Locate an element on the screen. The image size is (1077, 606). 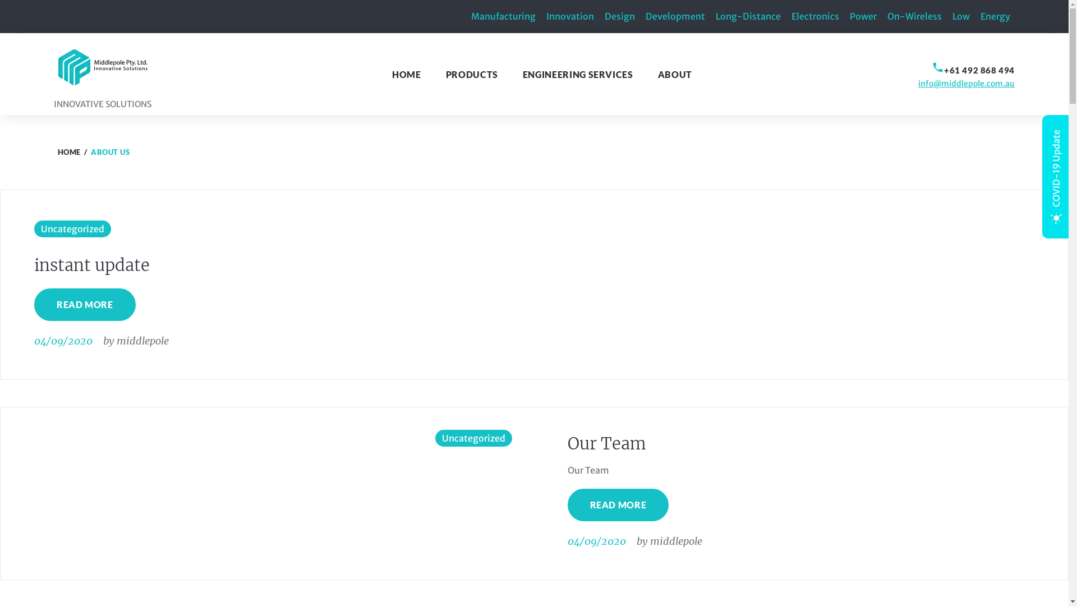
'+61 492 868 494' is located at coordinates (979, 70).